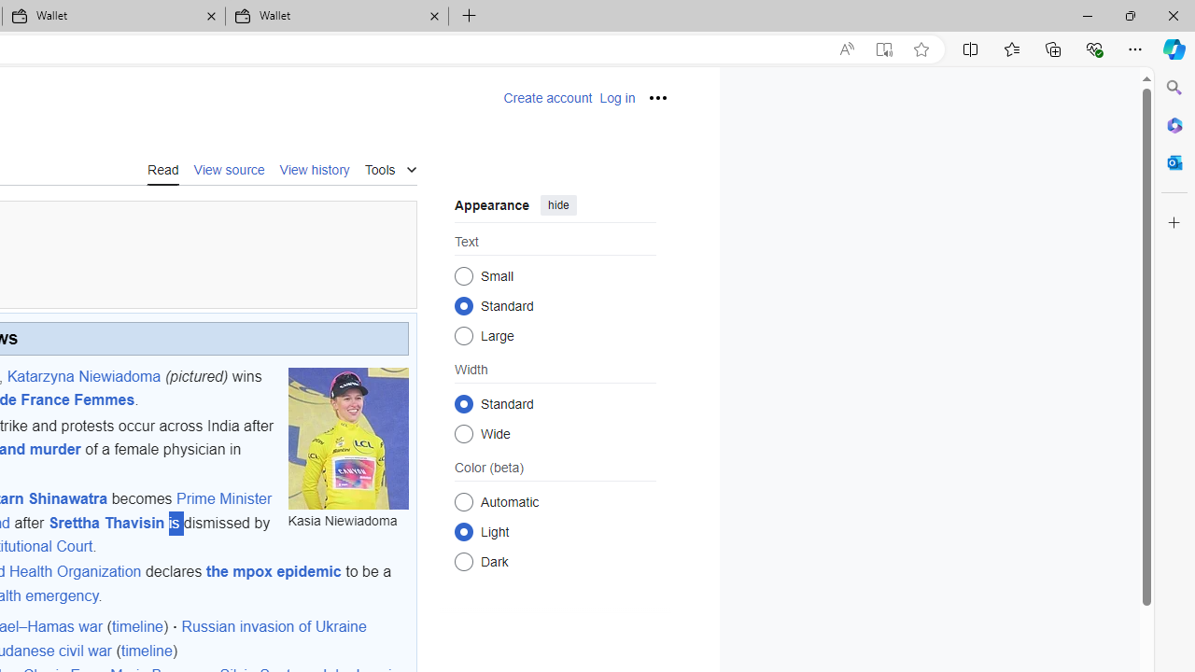 The width and height of the screenshot is (1195, 672). I want to click on 'Kasia Niewiadoma', so click(348, 438).